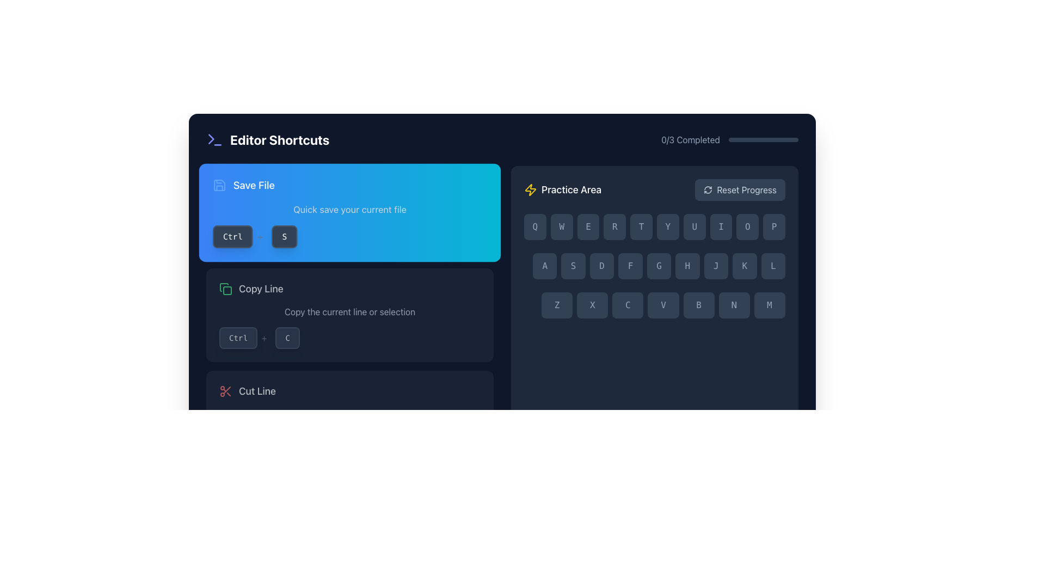 The height and width of the screenshot is (588, 1045). What do you see at coordinates (237, 338) in the screenshot?
I see `the button-like UI component labeled 'Ctrl' which has a dark slate background and white monospaced text, located in the shortcut display section for 'Copy Line'` at bounding box center [237, 338].